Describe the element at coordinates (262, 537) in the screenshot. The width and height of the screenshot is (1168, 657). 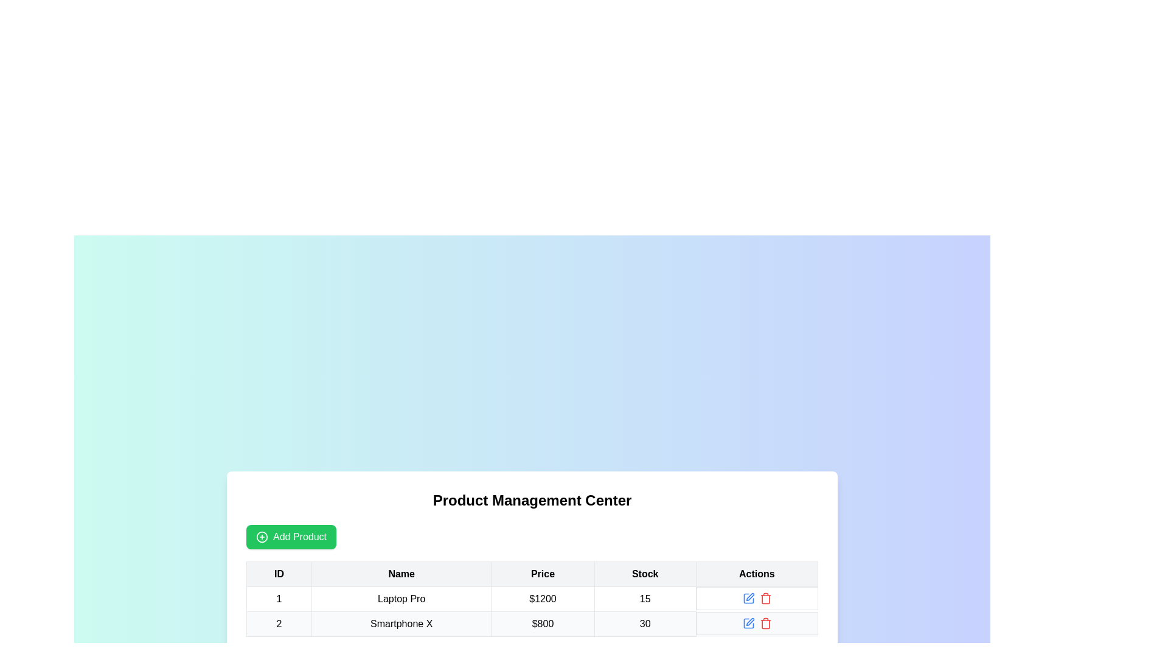
I see `the circle-plus icon located on the left side of the green rectangular 'Add Product' button in the Product Management interface` at that location.